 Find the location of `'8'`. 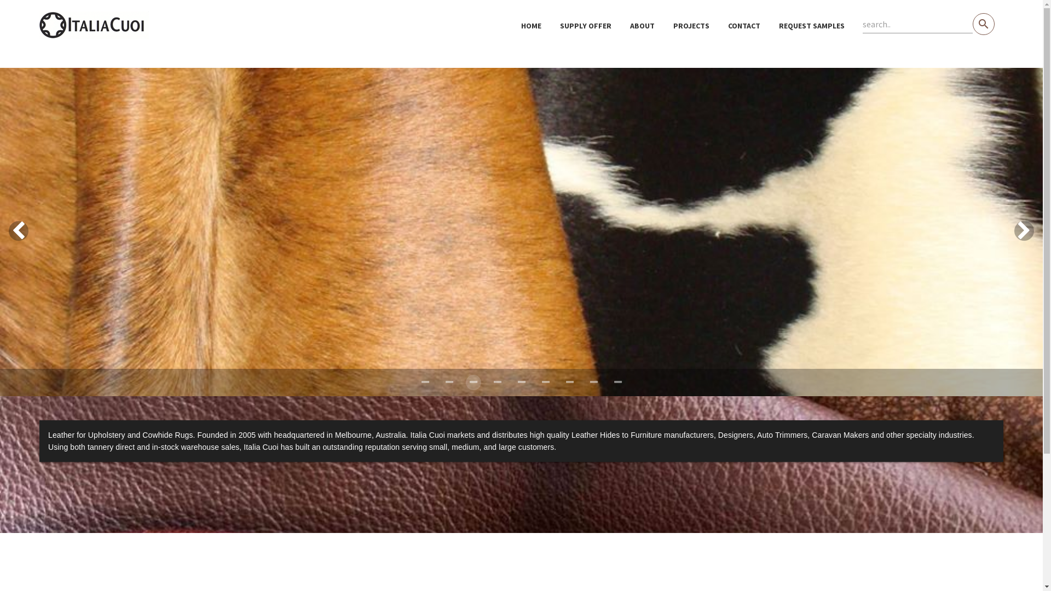

'8' is located at coordinates (617, 381).